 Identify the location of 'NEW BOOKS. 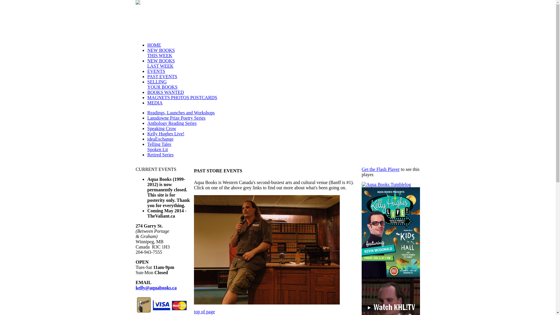
(161, 63).